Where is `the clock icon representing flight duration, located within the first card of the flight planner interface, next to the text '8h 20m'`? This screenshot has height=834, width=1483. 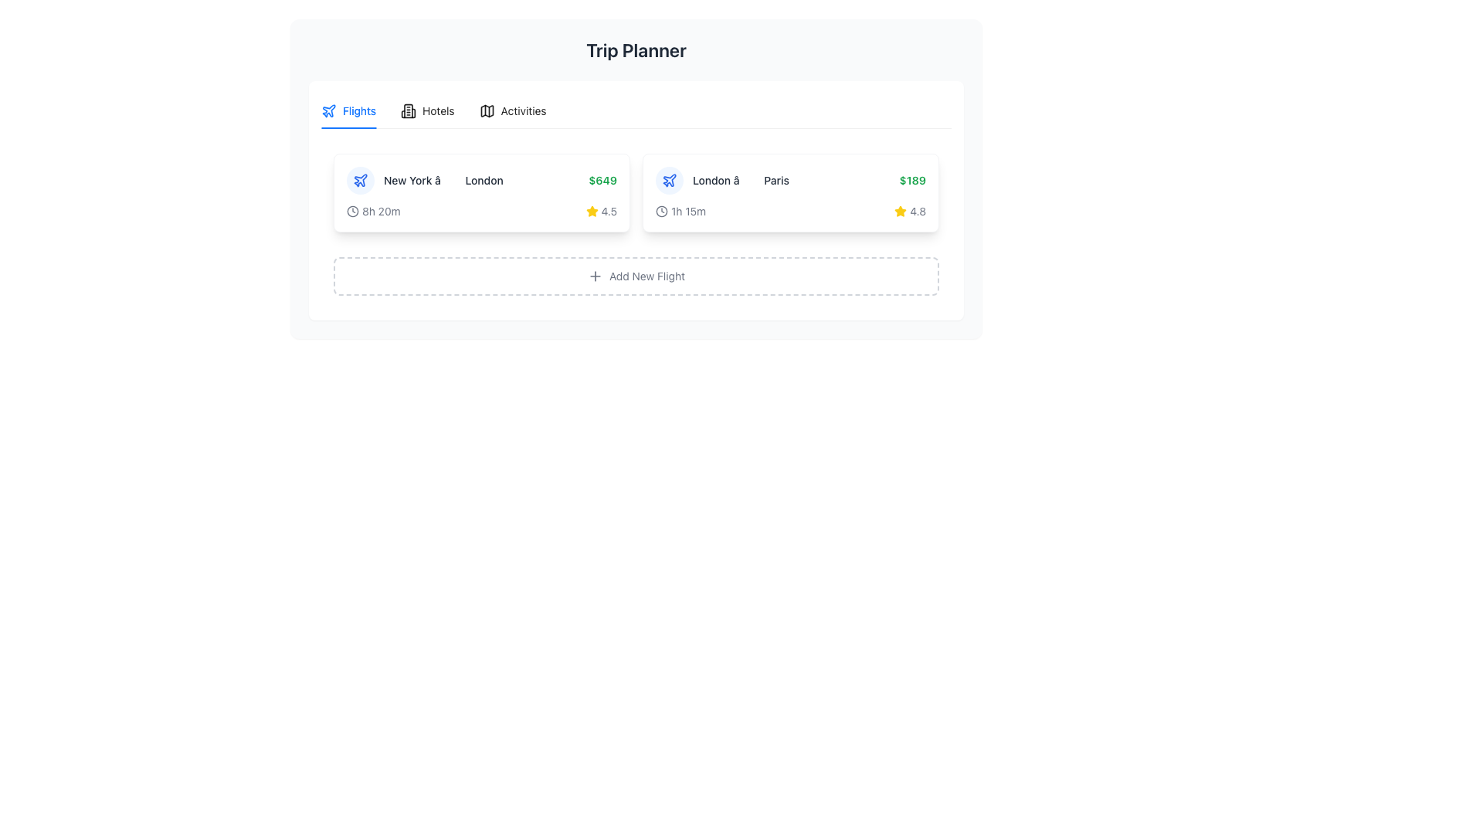 the clock icon representing flight duration, located within the first card of the flight planner interface, next to the text '8h 20m' is located at coordinates (351, 211).